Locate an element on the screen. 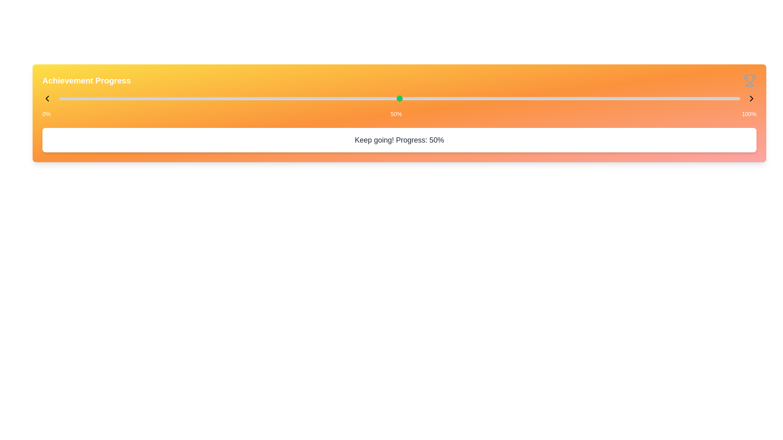 The height and width of the screenshot is (440, 783). the left-pointing chevron icon adjacent to the 'Achievement Progress' text is located at coordinates (46, 98).